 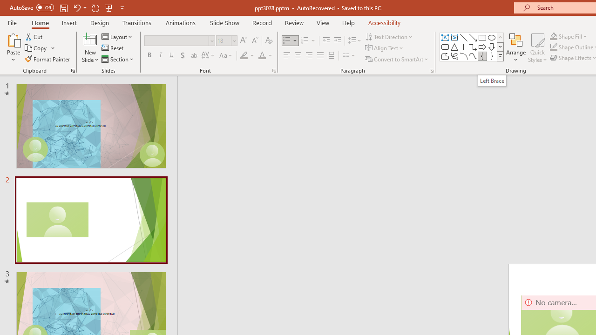 What do you see at coordinates (431, 70) in the screenshot?
I see `'Paragraph...'` at bounding box center [431, 70].